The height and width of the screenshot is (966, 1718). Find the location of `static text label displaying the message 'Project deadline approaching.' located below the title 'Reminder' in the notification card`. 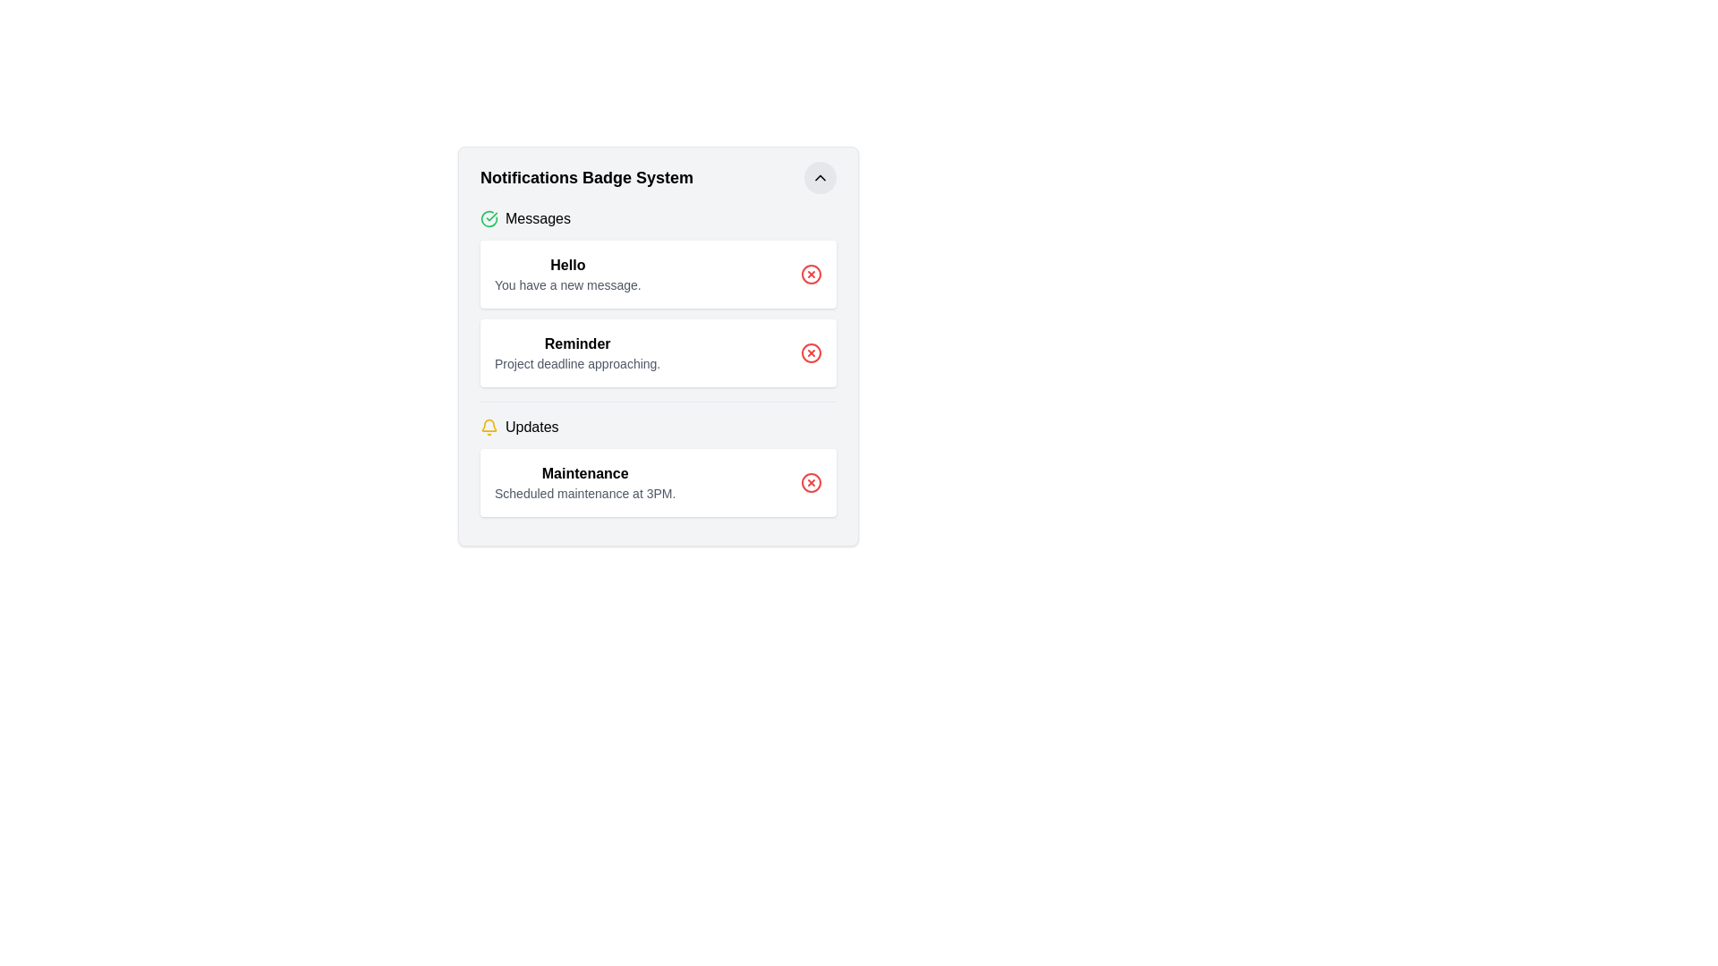

static text label displaying the message 'Project deadline approaching.' located below the title 'Reminder' in the notification card is located at coordinates (577, 363).